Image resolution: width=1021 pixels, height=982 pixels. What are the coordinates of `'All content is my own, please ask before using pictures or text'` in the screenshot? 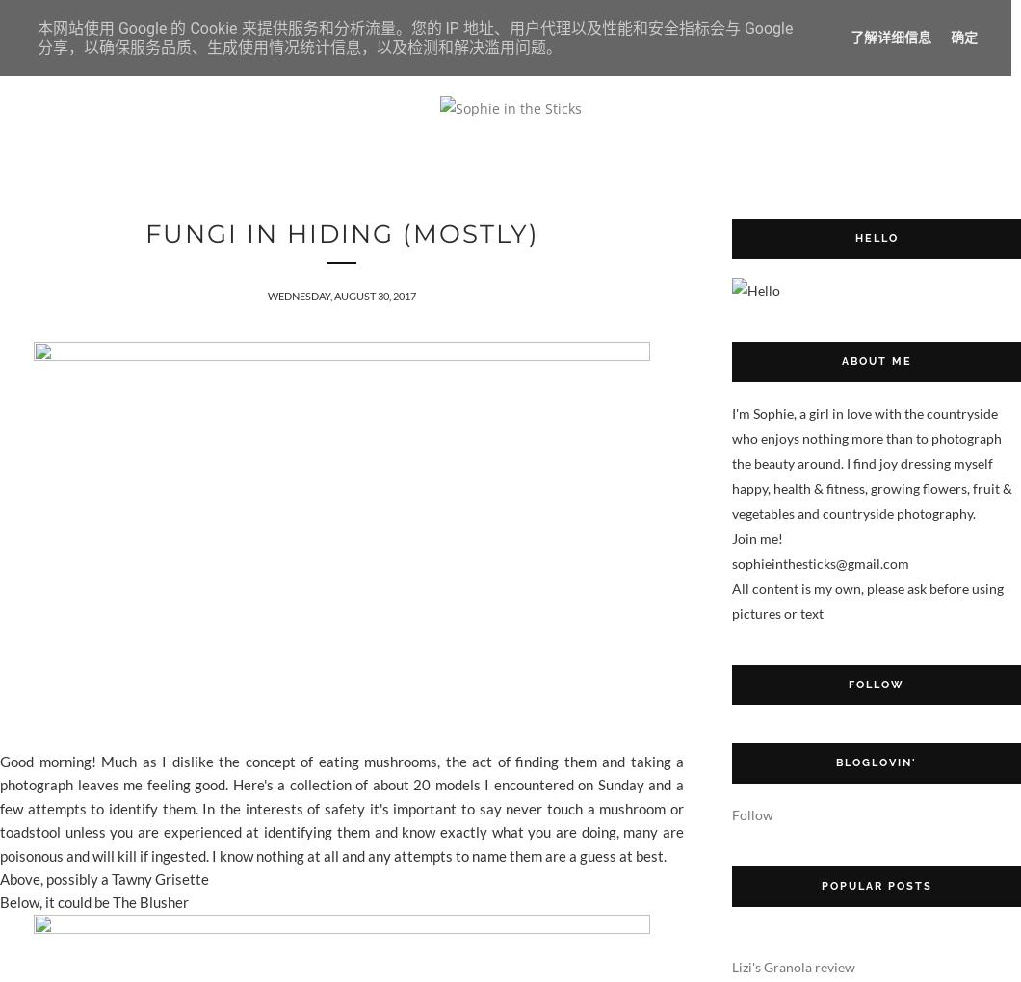 It's located at (868, 599).